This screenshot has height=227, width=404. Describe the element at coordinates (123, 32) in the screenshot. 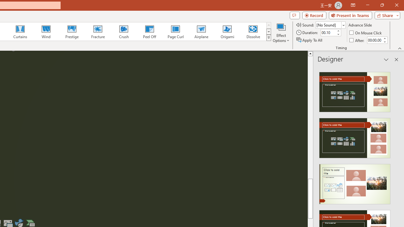

I see `'Crush'` at that location.